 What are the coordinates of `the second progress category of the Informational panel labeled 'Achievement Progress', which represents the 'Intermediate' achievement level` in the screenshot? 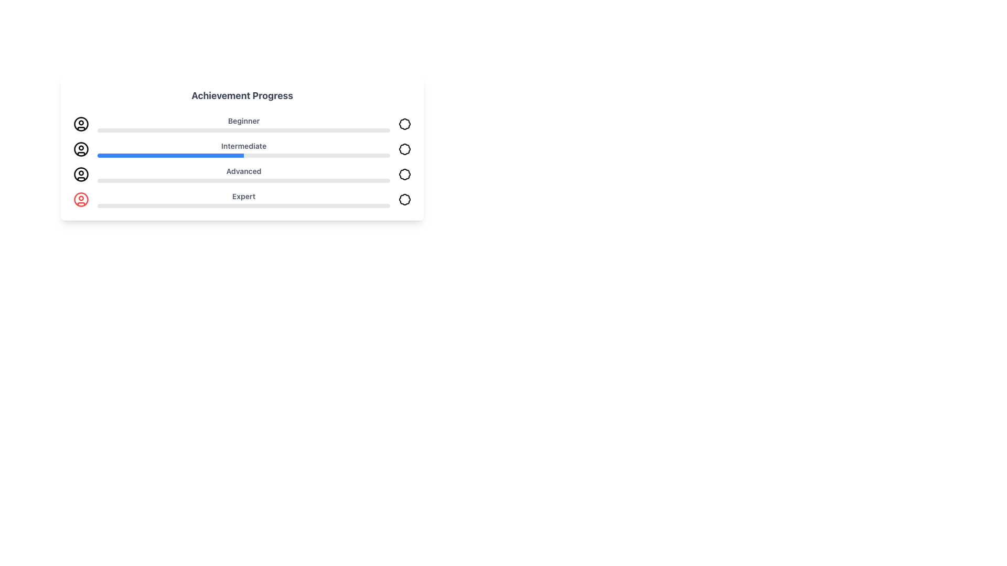 It's located at (241, 161).